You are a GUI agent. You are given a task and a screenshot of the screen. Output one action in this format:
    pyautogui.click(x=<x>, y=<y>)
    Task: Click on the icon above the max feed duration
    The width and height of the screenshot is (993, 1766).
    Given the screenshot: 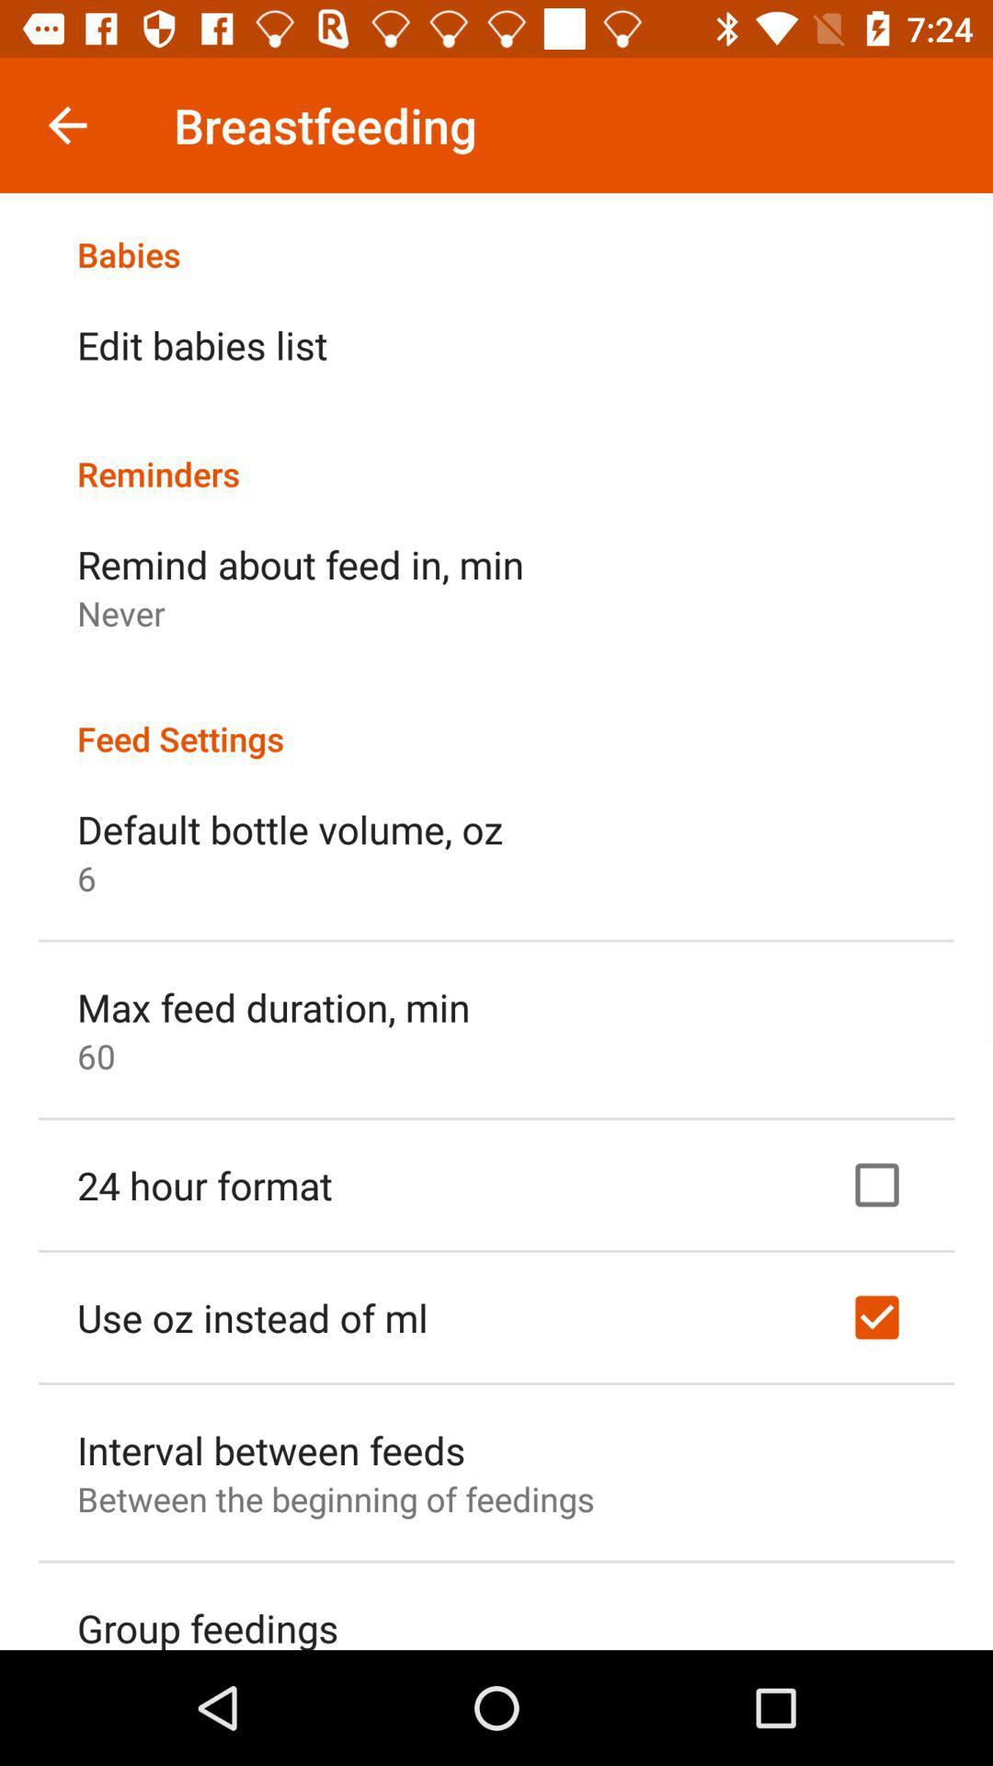 What is the action you would take?
    pyautogui.click(x=86, y=877)
    